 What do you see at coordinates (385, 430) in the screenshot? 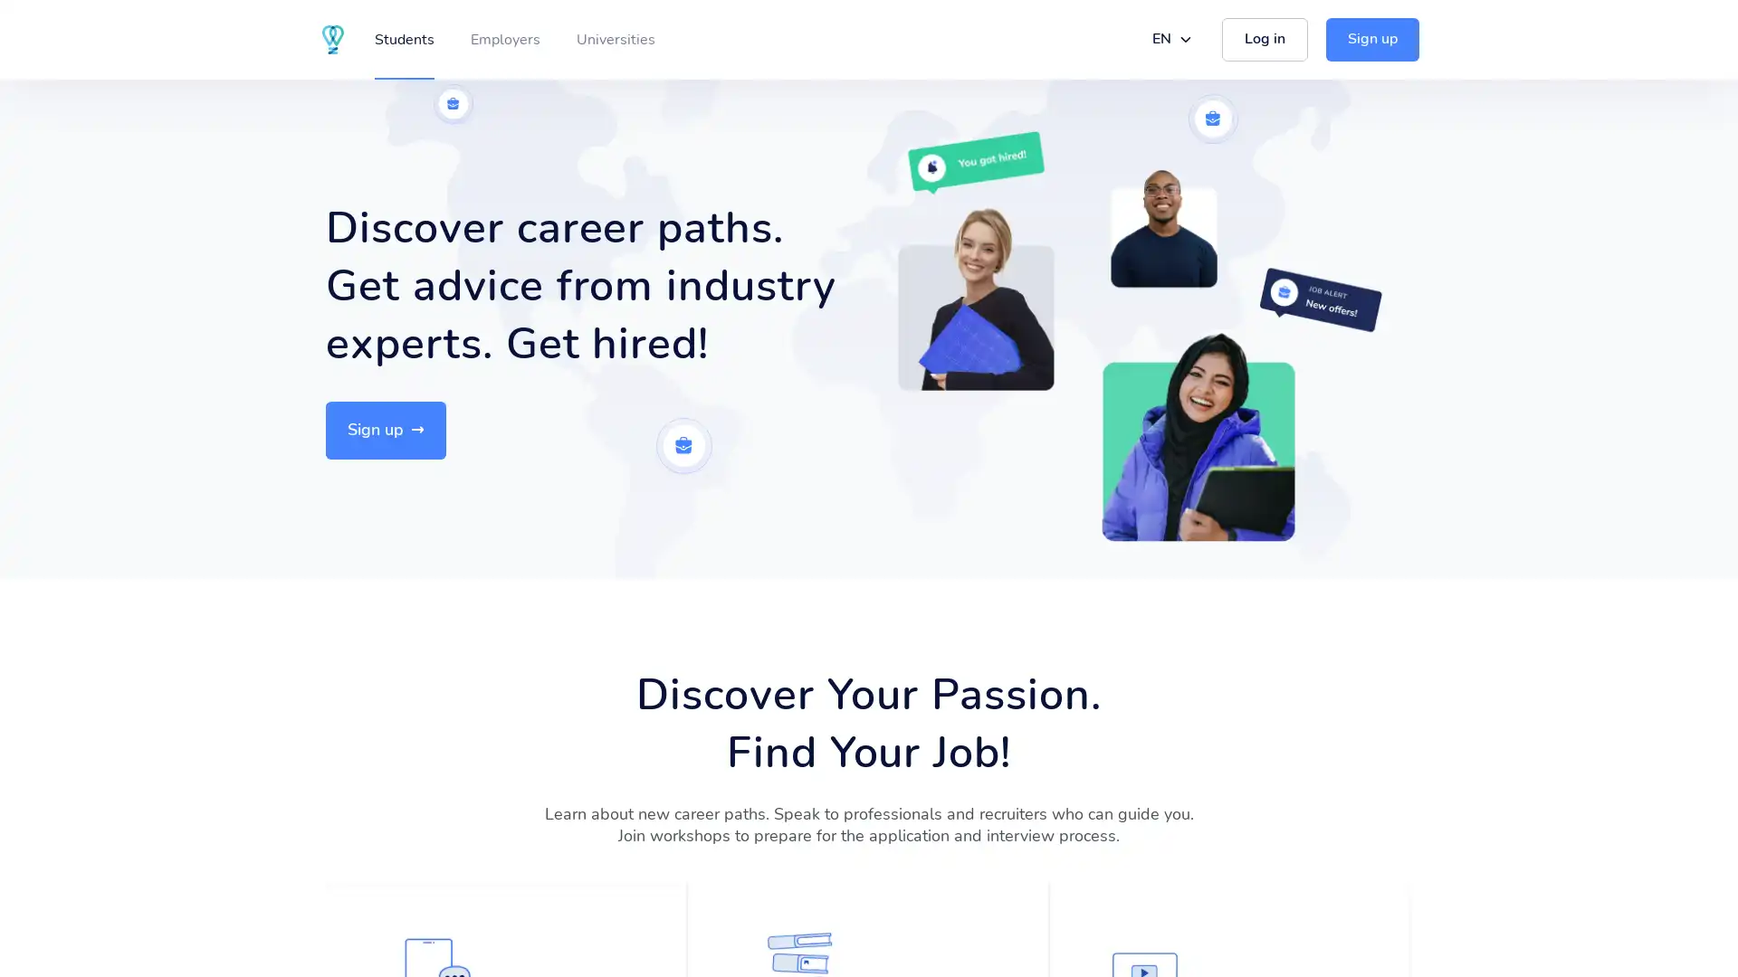
I see `Sign up` at bounding box center [385, 430].